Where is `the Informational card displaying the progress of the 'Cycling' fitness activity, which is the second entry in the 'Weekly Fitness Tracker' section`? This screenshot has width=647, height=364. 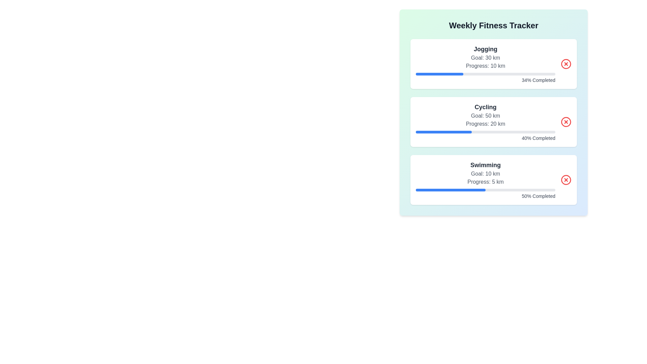 the Informational card displaying the progress of the 'Cycling' fitness activity, which is the second entry in the 'Weekly Fitness Tracker' section is located at coordinates (493, 122).